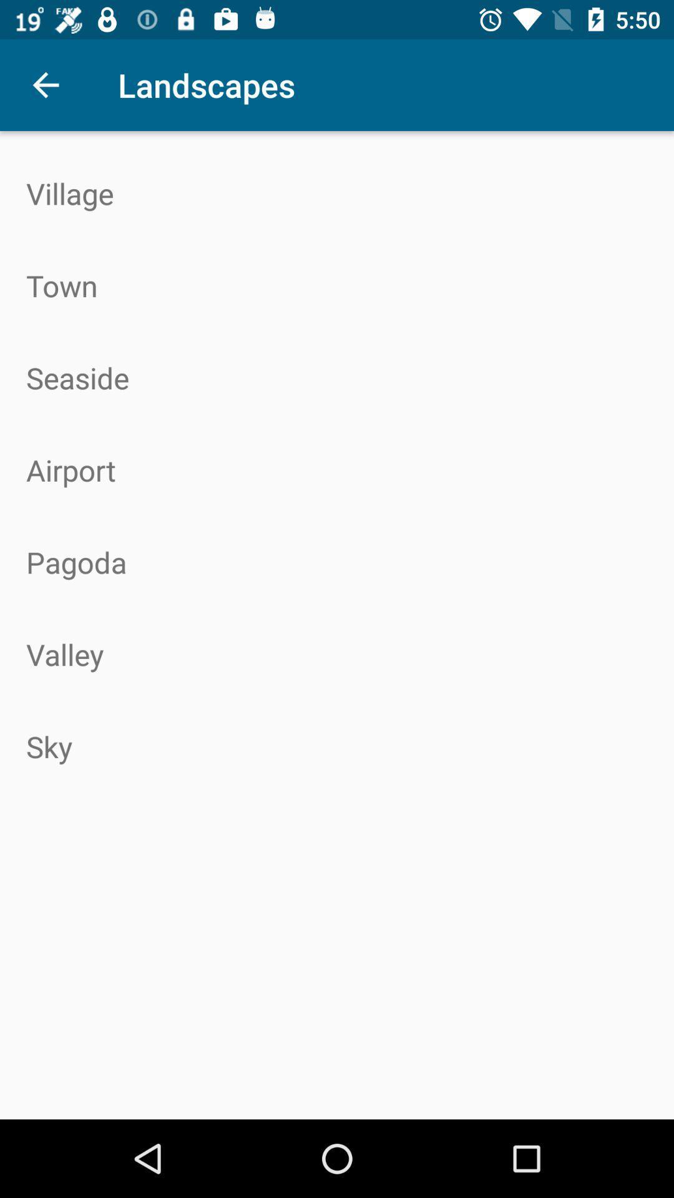 The width and height of the screenshot is (674, 1198). Describe the element at coordinates (337, 469) in the screenshot. I see `the item above pagoda item` at that location.